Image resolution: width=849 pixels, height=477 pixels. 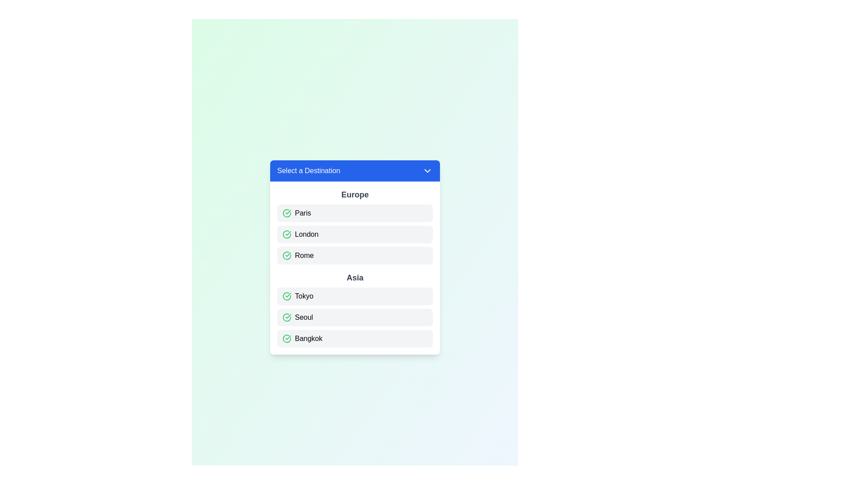 What do you see at coordinates (355, 194) in the screenshot?
I see `the prominently styled text label displaying 'Europe' in a large, bold, gray font, located at the top of the destination listing` at bounding box center [355, 194].